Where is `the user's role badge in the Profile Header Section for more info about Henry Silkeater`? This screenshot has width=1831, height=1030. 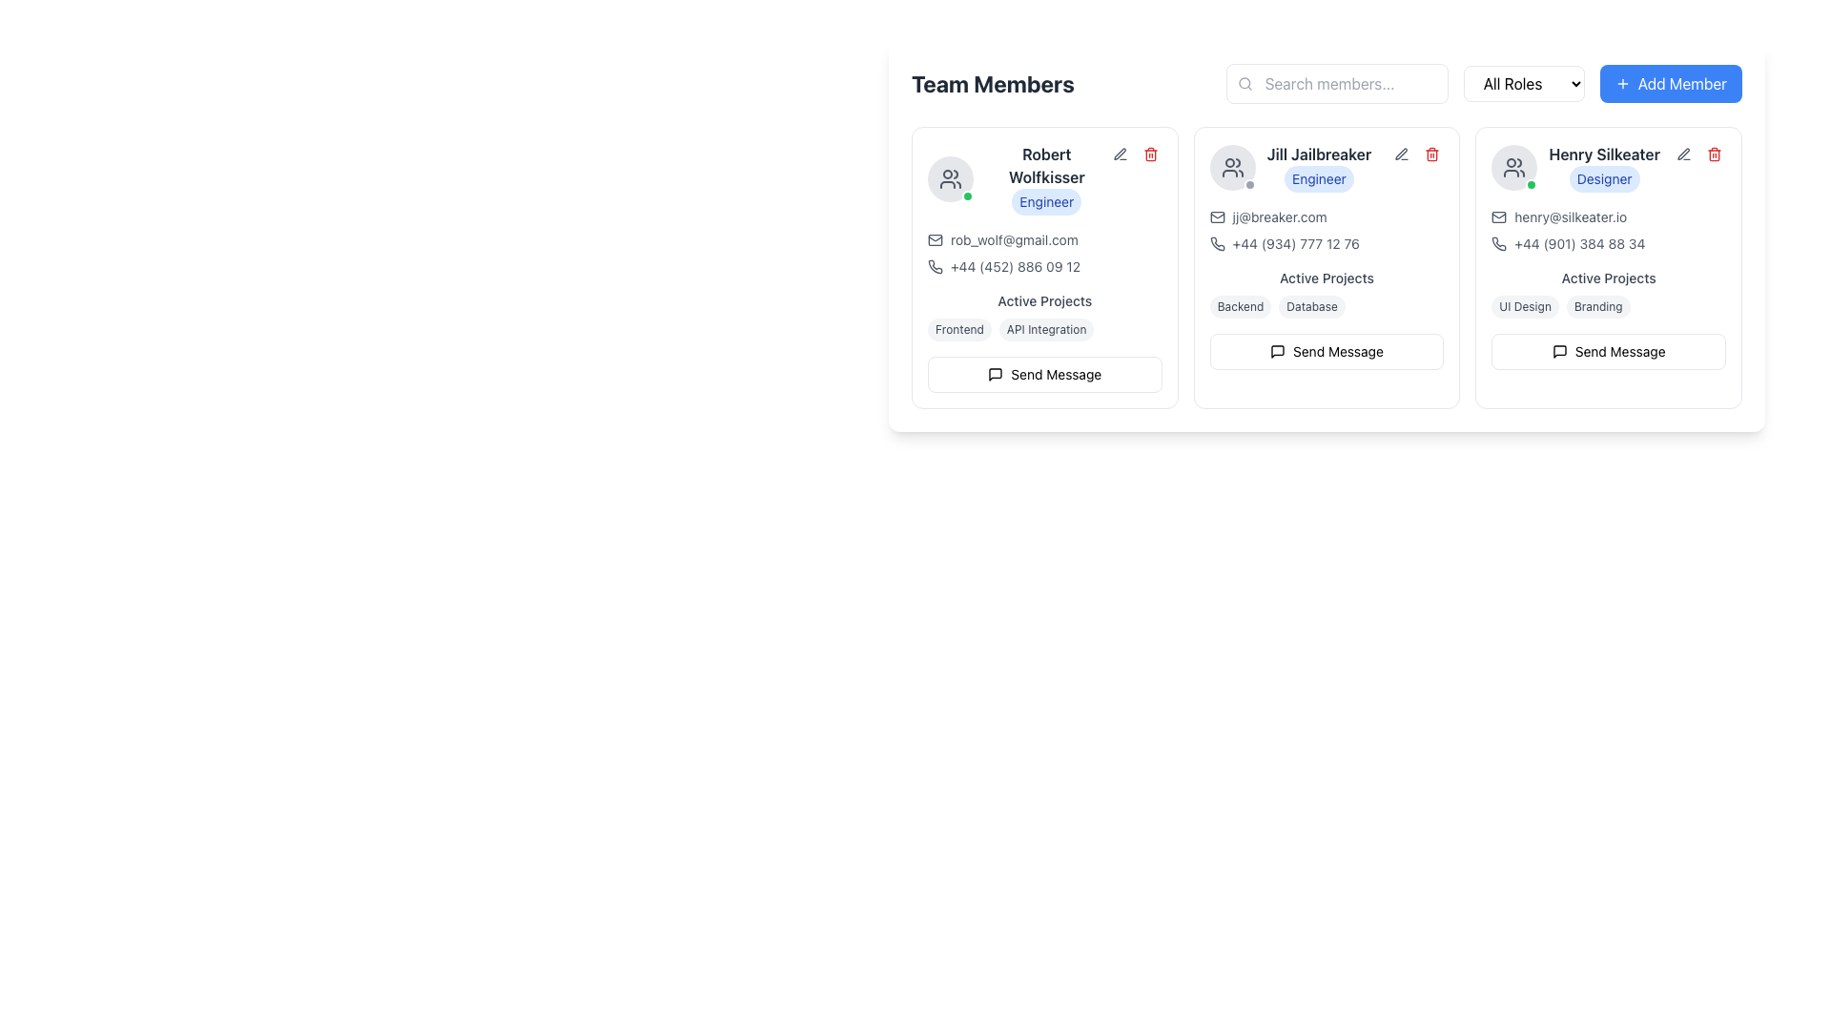 the user's role badge in the Profile Header Section for more info about Henry Silkeater is located at coordinates (1608, 167).